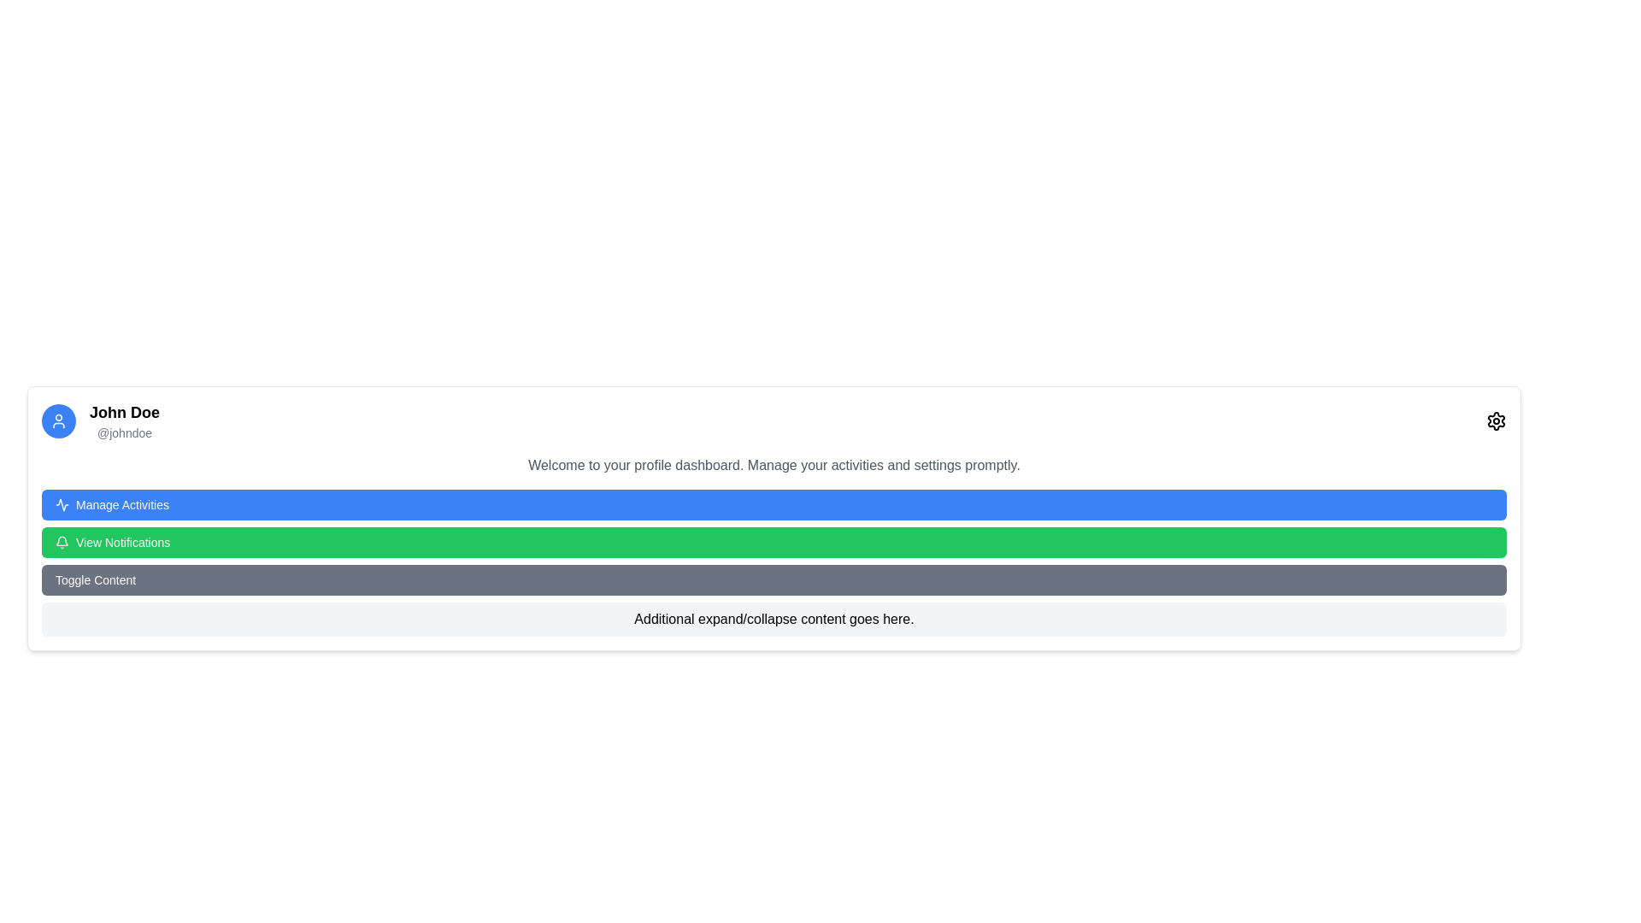 This screenshot has width=1641, height=923. Describe the element at coordinates (123, 432) in the screenshot. I see `the text label displaying '@johndoe', which is styled in light gray and is positioned directly underneath 'John Doe' in the profile section` at that location.